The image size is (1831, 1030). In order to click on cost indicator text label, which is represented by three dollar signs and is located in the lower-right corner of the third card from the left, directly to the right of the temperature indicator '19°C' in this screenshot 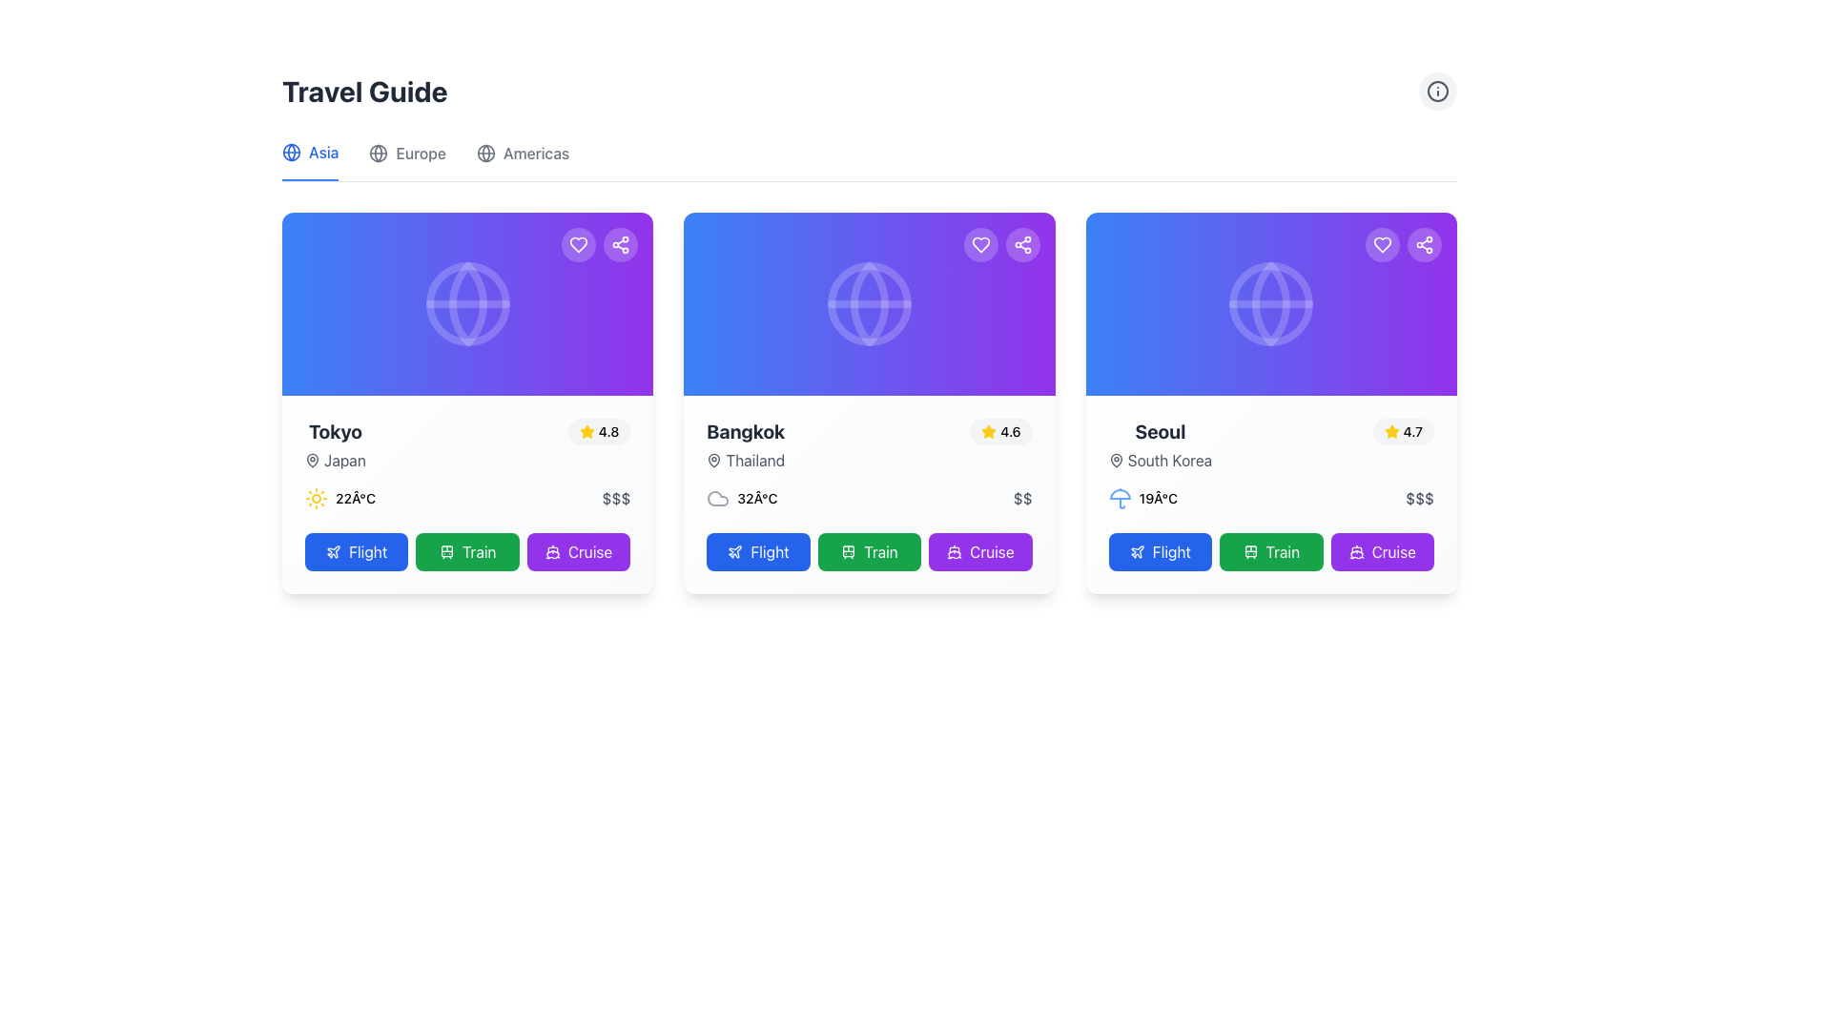, I will do `click(1419, 498)`.